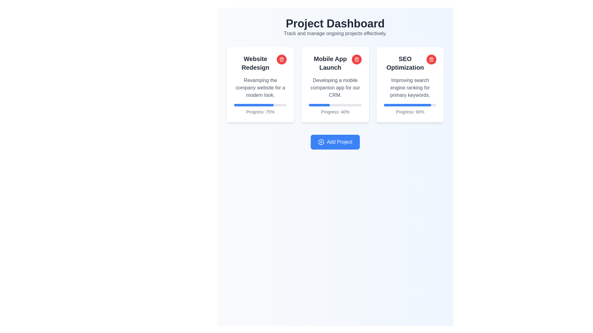  What do you see at coordinates (405, 63) in the screenshot?
I see `the text label 'SEO Optimization' which is styled with bold font and is located at the top of the third card in the 'Project Dashboard'` at bounding box center [405, 63].